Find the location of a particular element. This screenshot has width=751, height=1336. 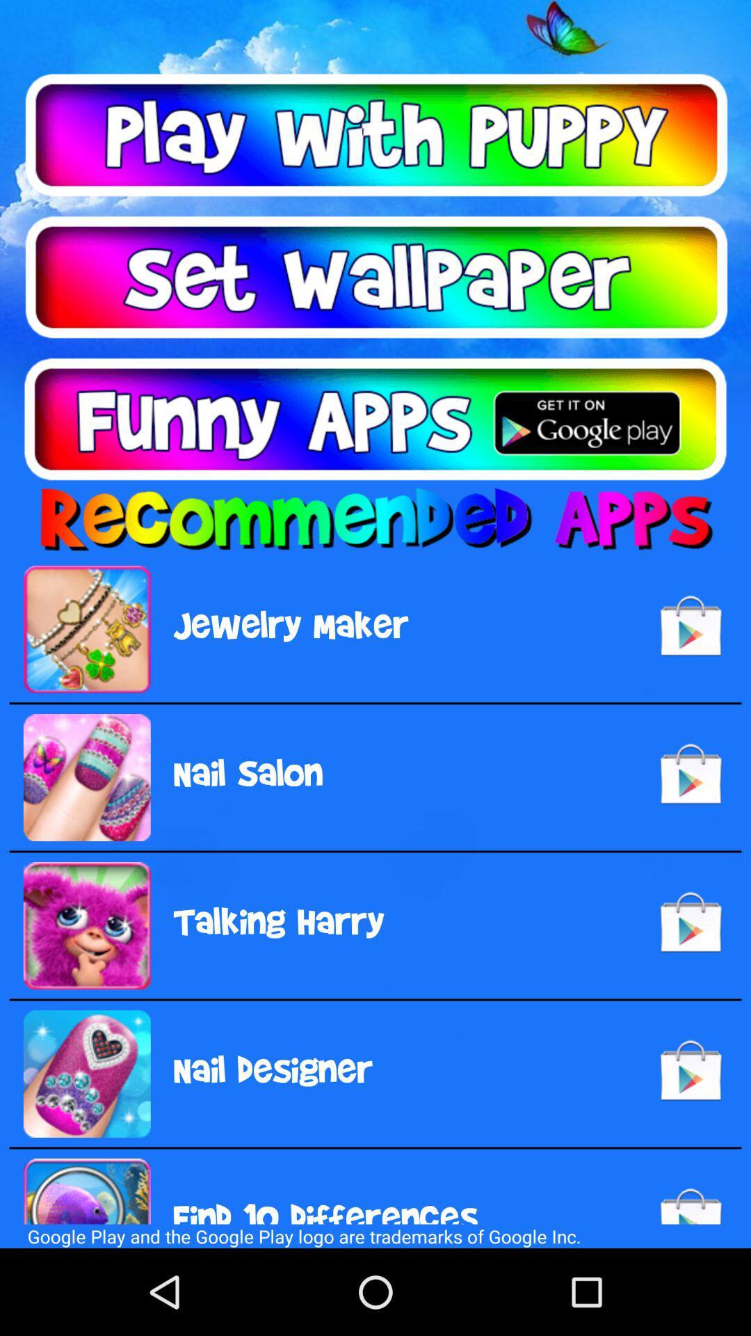

download an app from googleplay is located at coordinates (375, 418).